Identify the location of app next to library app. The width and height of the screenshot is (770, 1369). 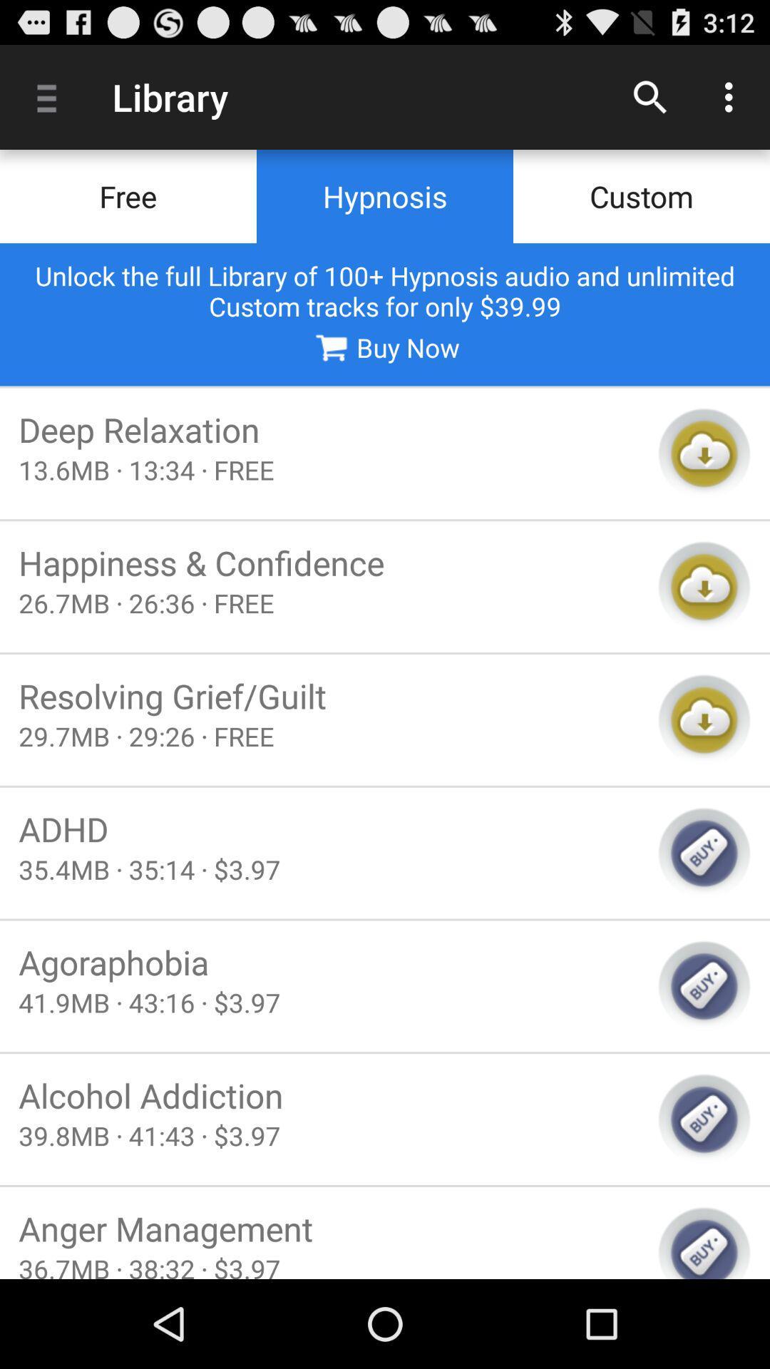
(51, 96).